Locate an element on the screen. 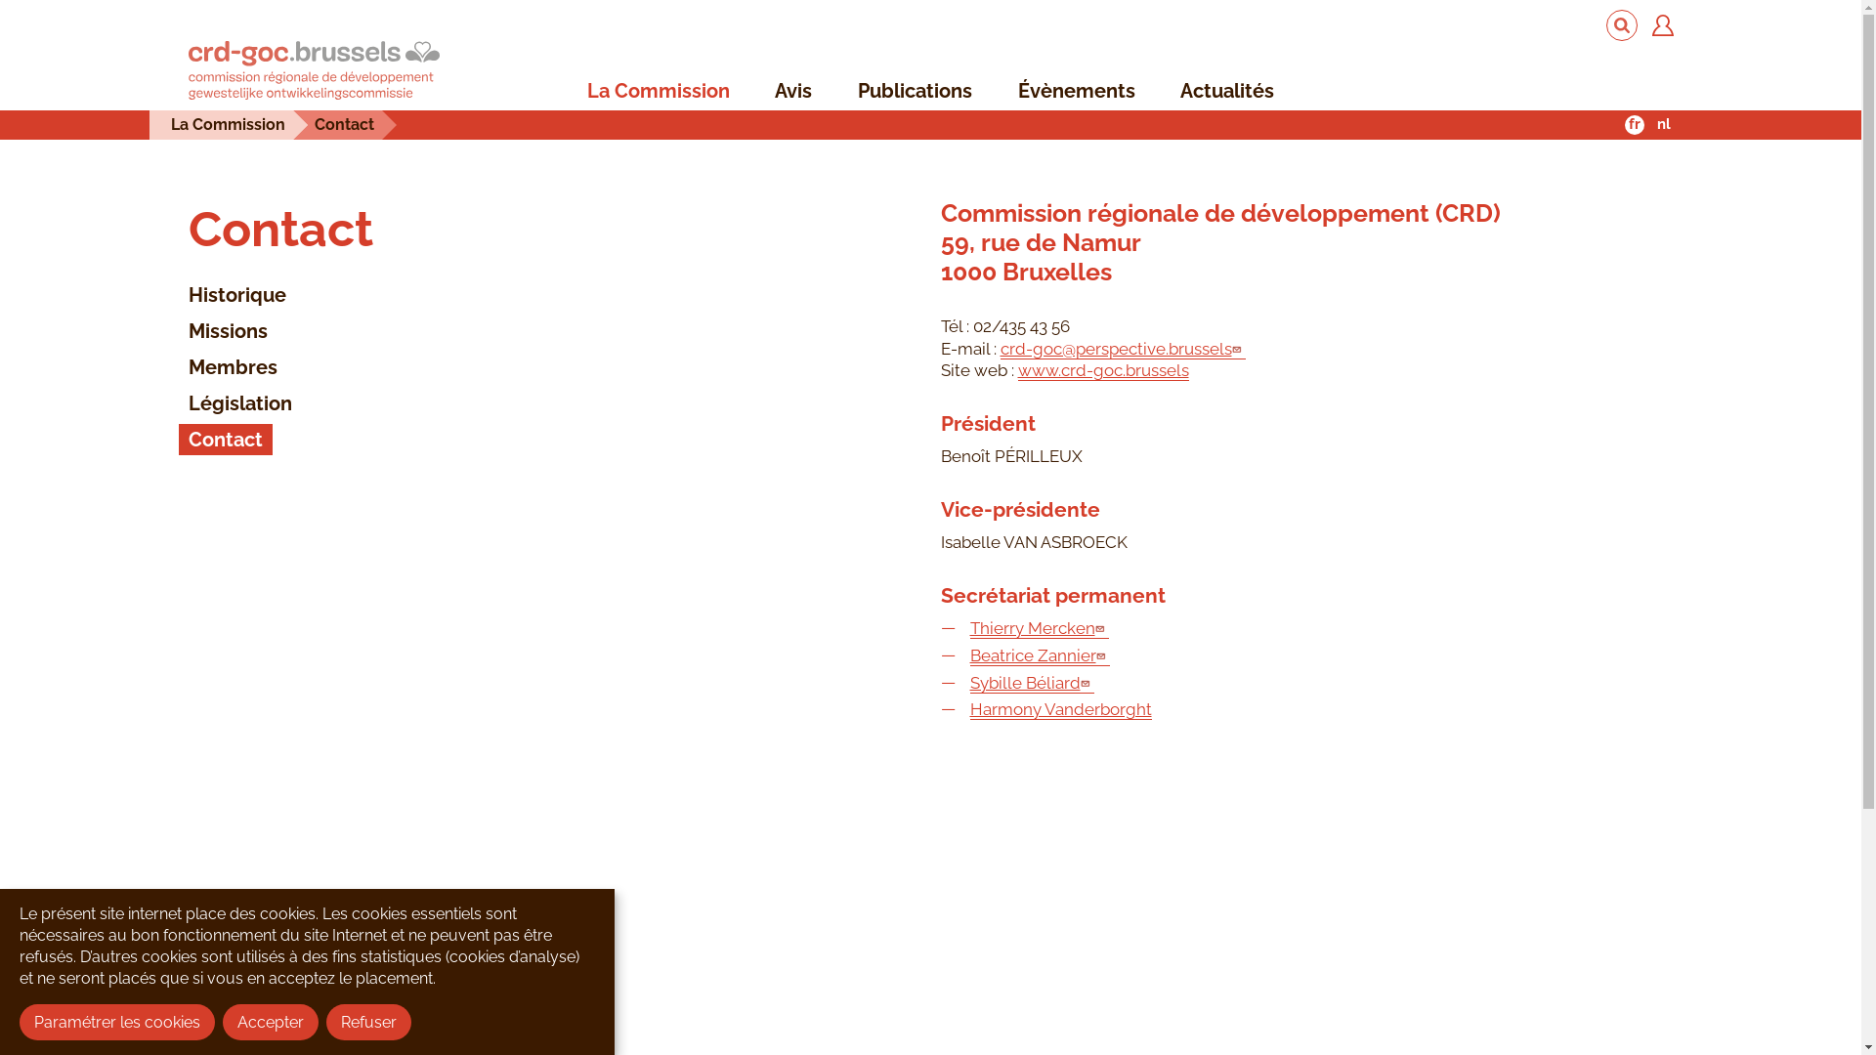  'Rechercher' is located at coordinates (1622, 25).